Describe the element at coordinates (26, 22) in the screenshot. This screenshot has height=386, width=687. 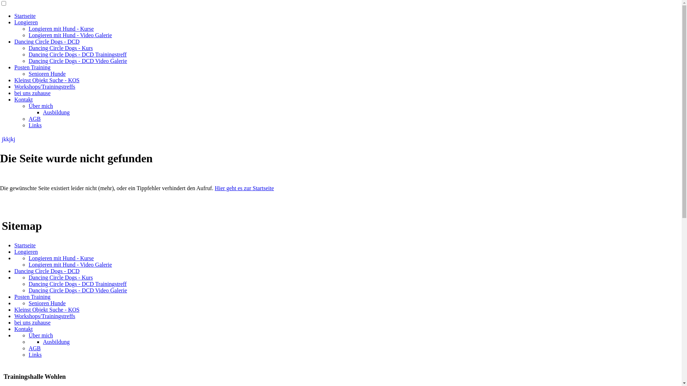
I see `'Longieren'` at that location.